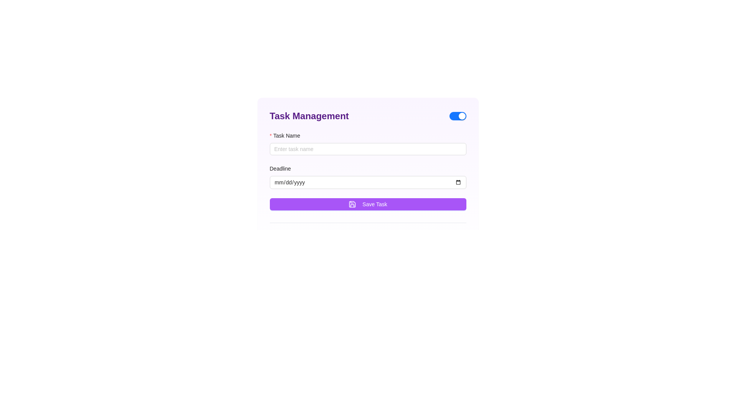 Image resolution: width=737 pixels, height=414 pixels. I want to click on the decorative SVG icon located adjacent to the 'Save Task' button in the bottom button section of the interface, so click(352, 204).